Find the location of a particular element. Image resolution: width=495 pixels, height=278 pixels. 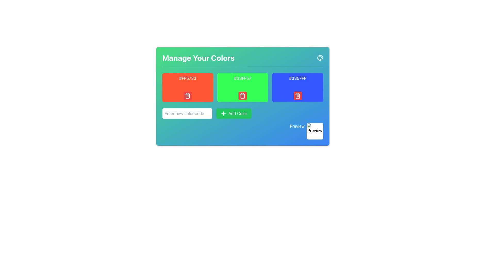

the 'Add Color' button, which is a green rectangular button with a white '+' icon and text, located below the color code input field in the bottom-left area of the panel is located at coordinates (233, 113).